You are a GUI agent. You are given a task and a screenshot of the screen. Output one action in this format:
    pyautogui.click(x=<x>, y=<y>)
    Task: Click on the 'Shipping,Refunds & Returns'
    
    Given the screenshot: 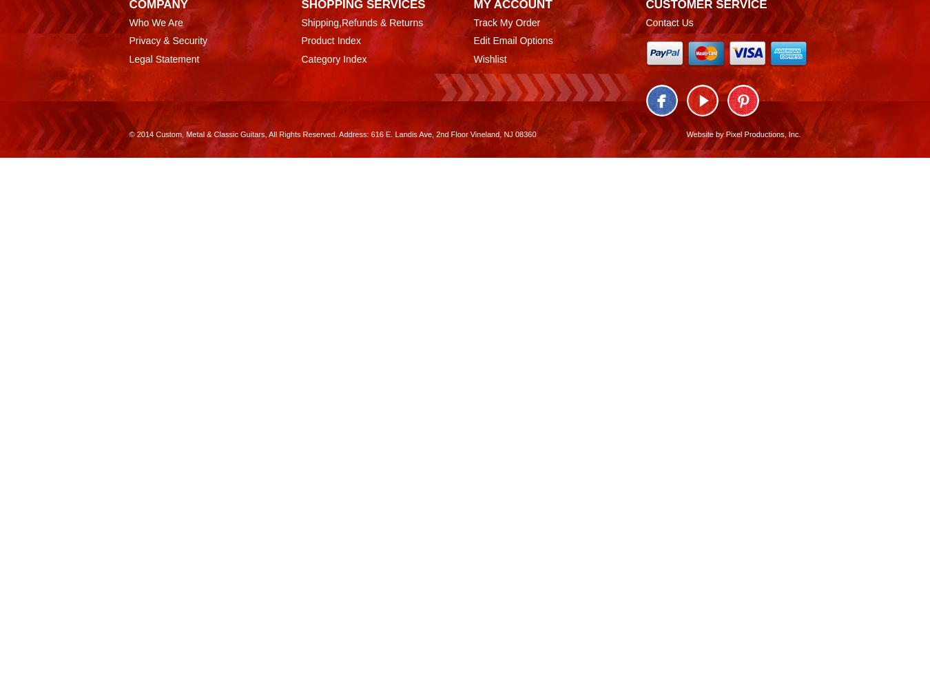 What is the action you would take?
    pyautogui.click(x=361, y=22)
    